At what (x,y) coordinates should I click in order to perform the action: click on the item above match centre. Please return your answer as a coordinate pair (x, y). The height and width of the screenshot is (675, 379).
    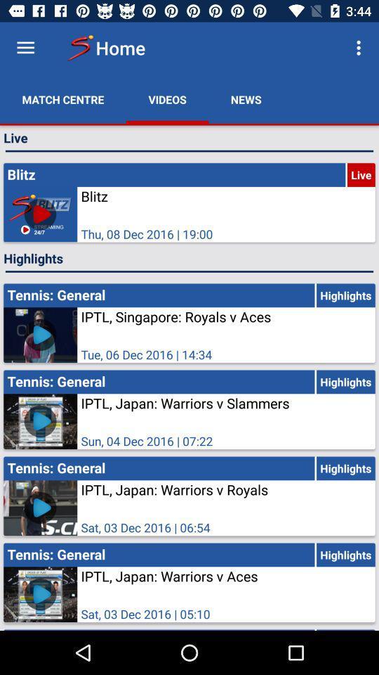
    Looking at the image, I should click on (25, 48).